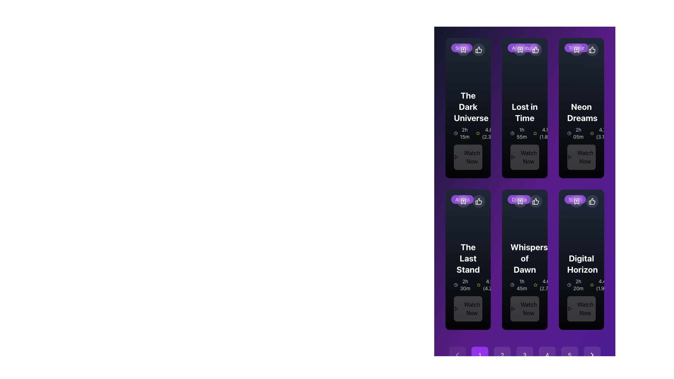 This screenshot has height=379, width=674. Describe the element at coordinates (576, 49) in the screenshot. I see `the bookmark button with a plus sign located at the top-right of the 'Neon Dreams' movie card to bookmark this item` at that location.